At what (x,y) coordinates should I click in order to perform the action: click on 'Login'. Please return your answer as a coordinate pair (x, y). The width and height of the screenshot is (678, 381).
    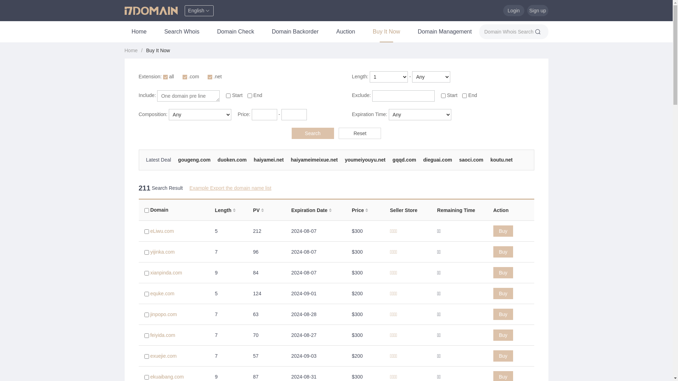
    Looking at the image, I should click on (513, 11).